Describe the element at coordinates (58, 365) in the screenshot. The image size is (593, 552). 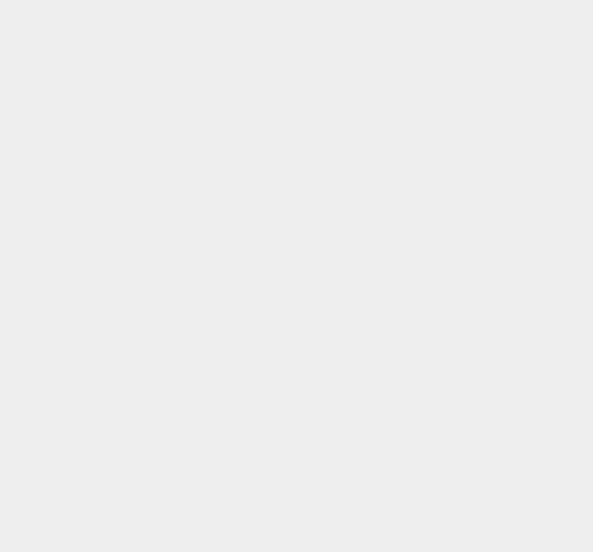
I see `'All rights reserved.'` at that location.